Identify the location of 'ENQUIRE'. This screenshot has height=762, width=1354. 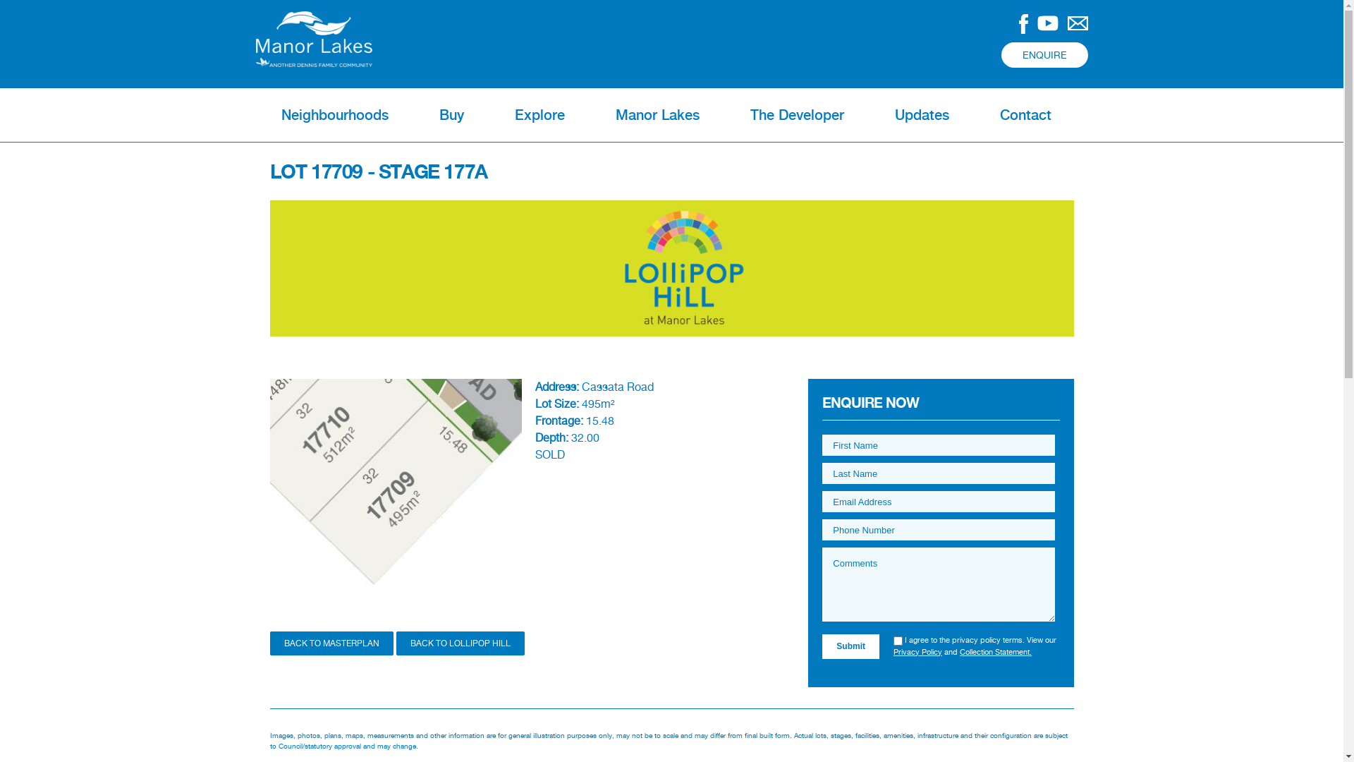
(1044, 54).